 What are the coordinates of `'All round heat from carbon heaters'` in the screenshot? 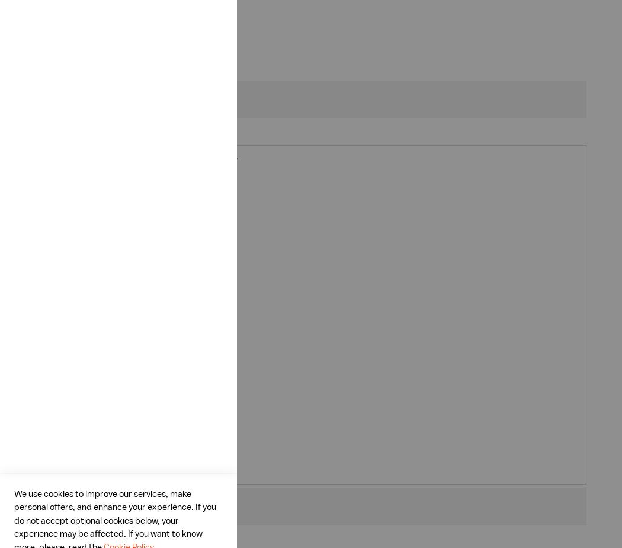 It's located at (130, 267).